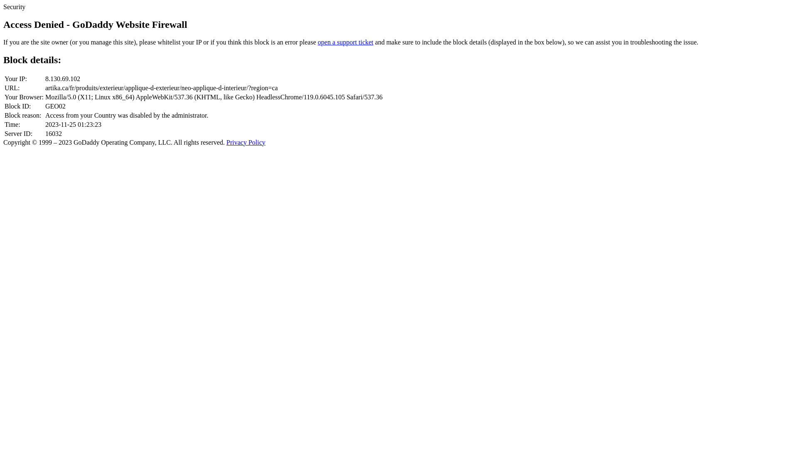 This screenshot has height=449, width=798. What do you see at coordinates (345, 42) in the screenshot?
I see `'open a support ticket'` at bounding box center [345, 42].